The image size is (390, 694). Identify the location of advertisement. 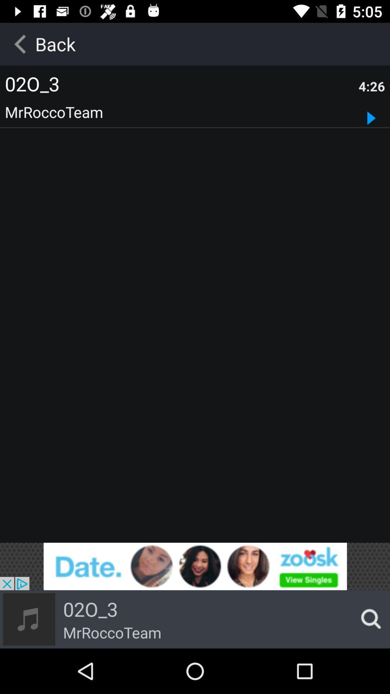
(195, 566).